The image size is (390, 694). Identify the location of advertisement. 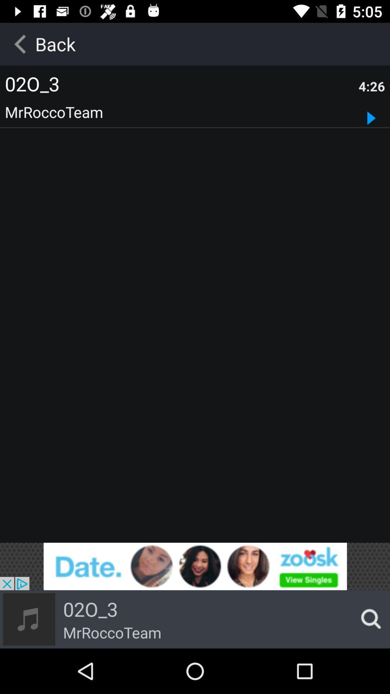
(195, 566).